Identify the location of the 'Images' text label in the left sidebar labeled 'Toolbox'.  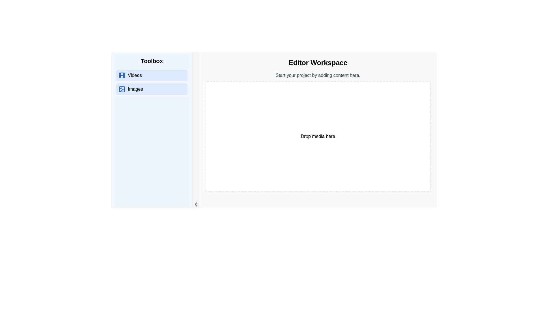
(135, 89).